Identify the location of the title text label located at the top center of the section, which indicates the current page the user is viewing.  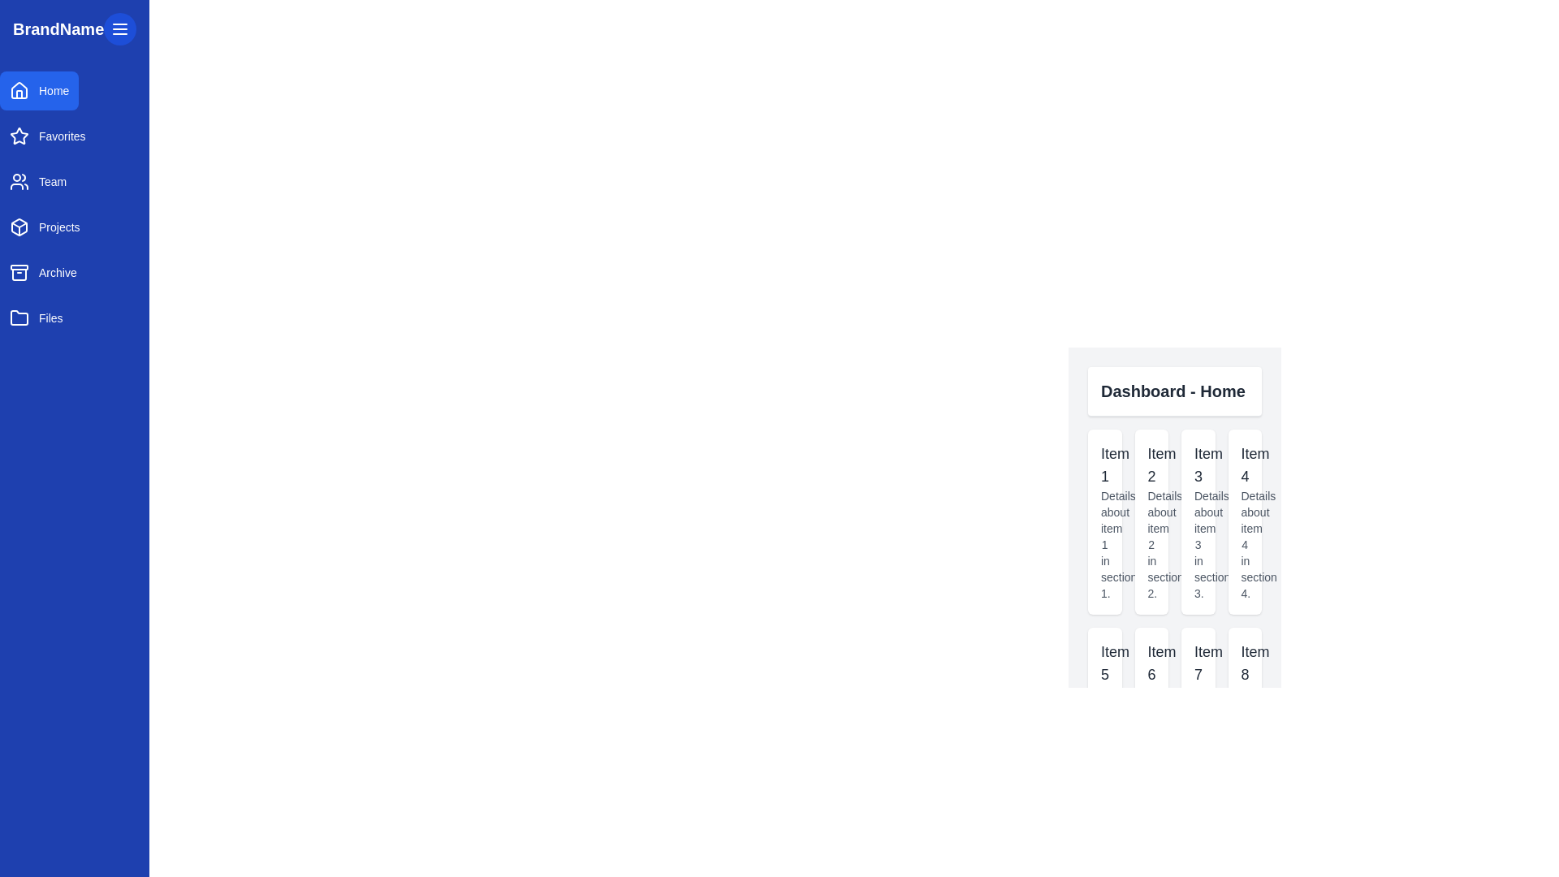
(1172, 391).